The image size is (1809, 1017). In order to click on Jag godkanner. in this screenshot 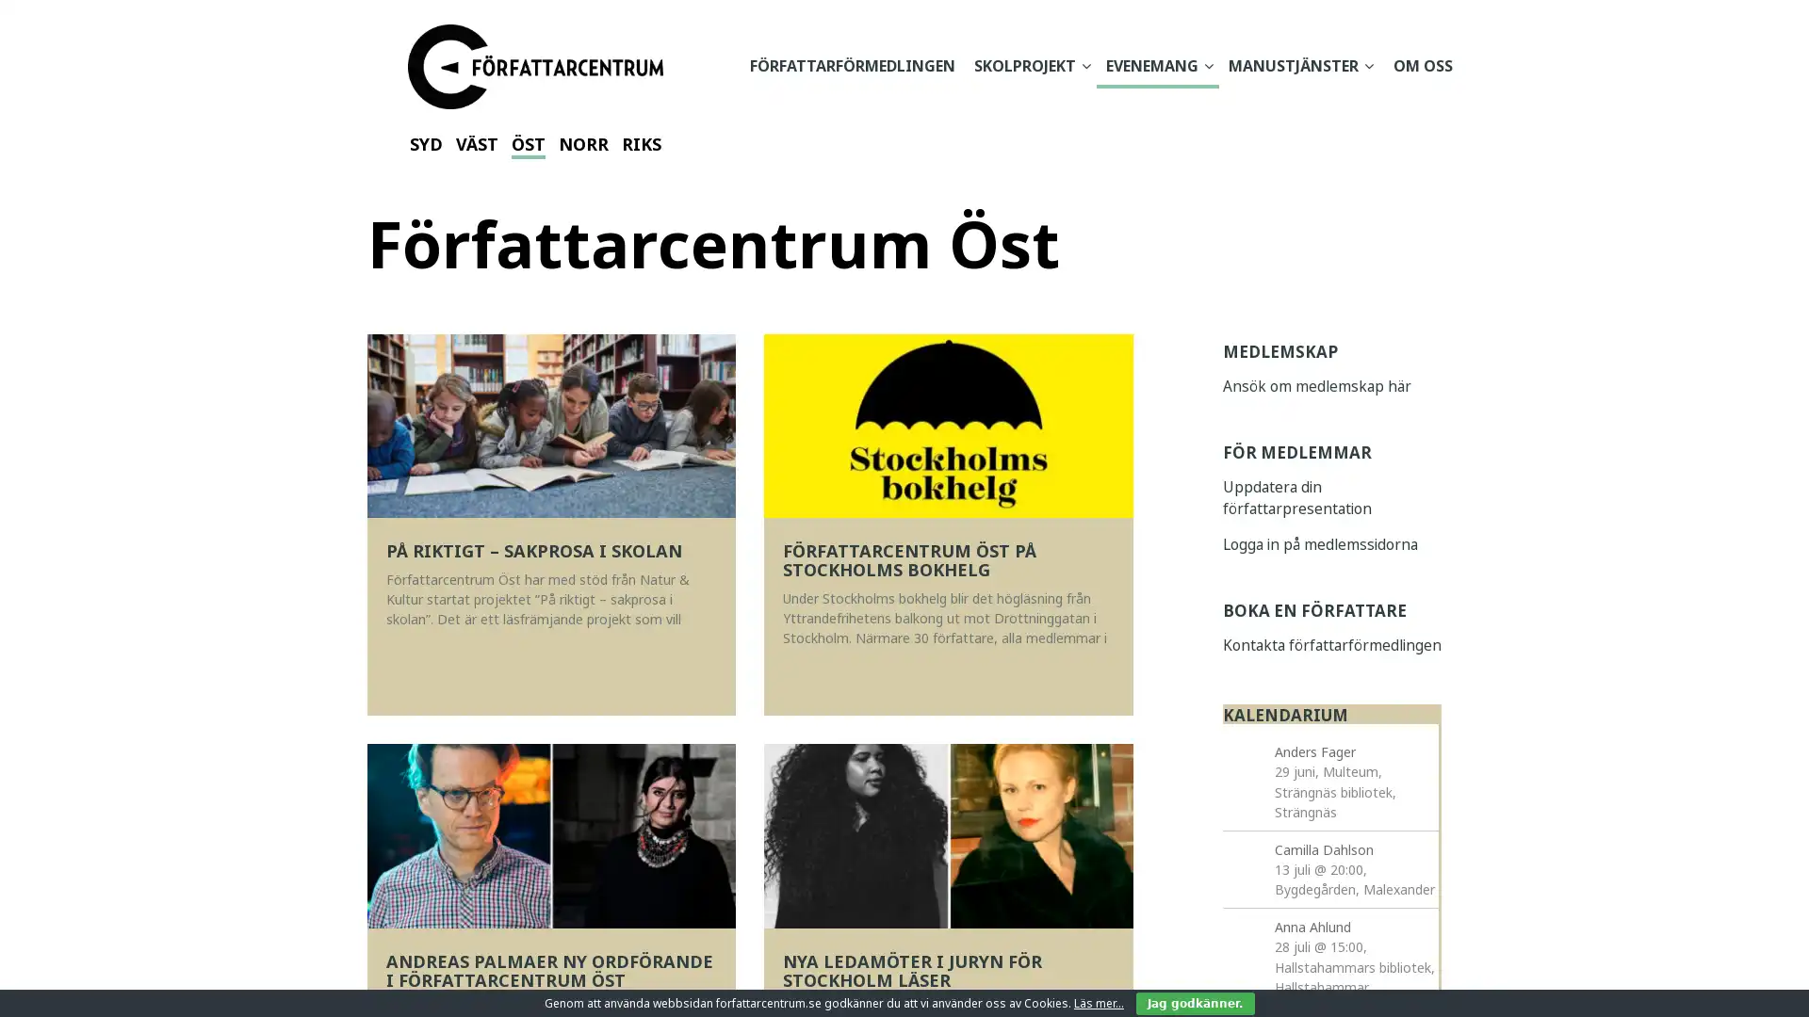, I will do `click(1194, 1002)`.